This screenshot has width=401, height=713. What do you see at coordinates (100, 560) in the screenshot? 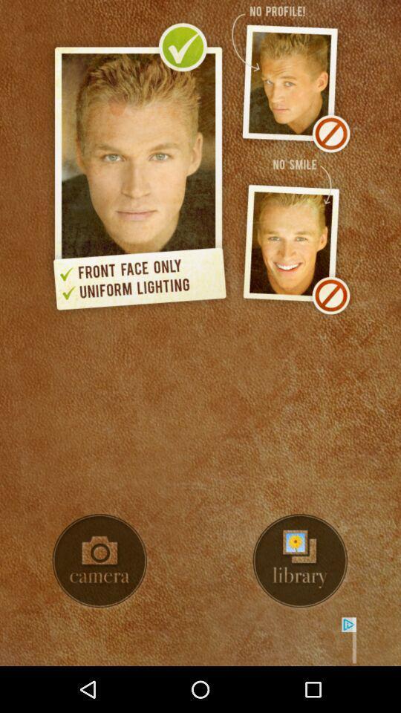
I see `turn on camera` at bounding box center [100, 560].